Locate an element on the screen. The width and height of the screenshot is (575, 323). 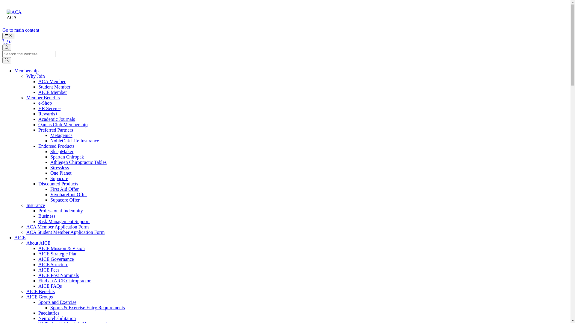
'AICE FAQs' is located at coordinates (50, 286).